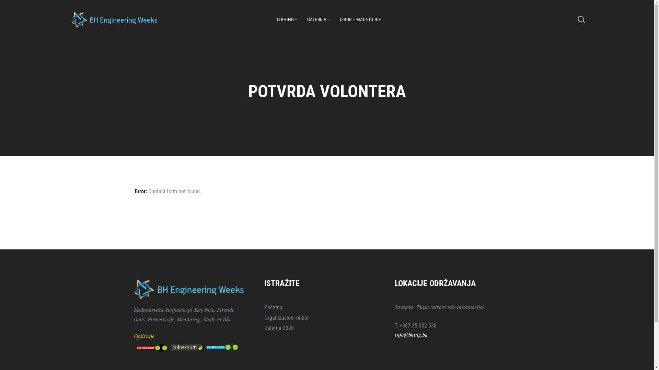  I want to click on 'GALERIJA', so click(318, 19).